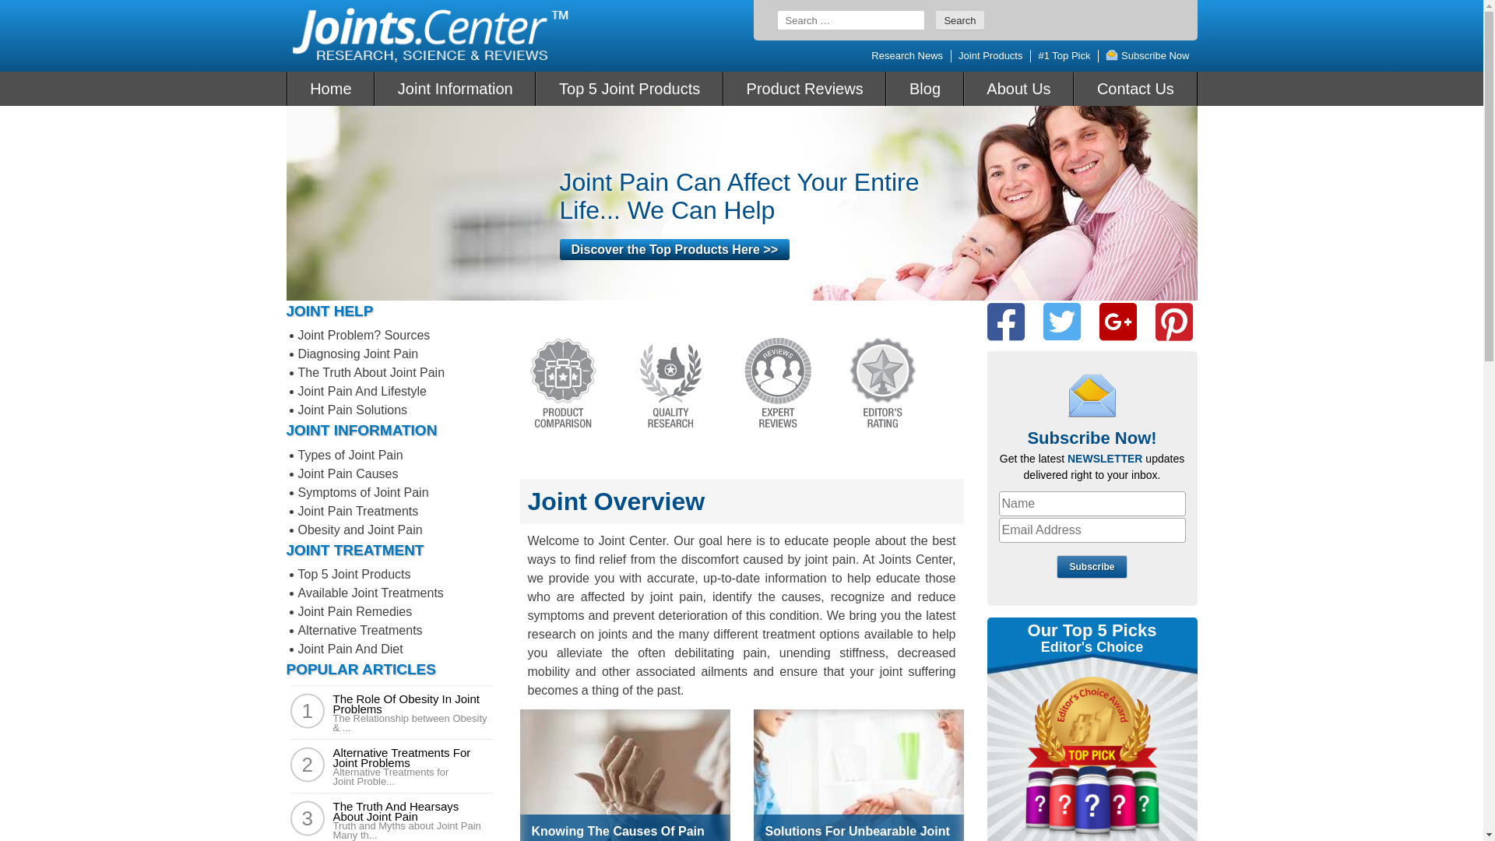  What do you see at coordinates (1005, 321) in the screenshot?
I see `'Facebook'` at bounding box center [1005, 321].